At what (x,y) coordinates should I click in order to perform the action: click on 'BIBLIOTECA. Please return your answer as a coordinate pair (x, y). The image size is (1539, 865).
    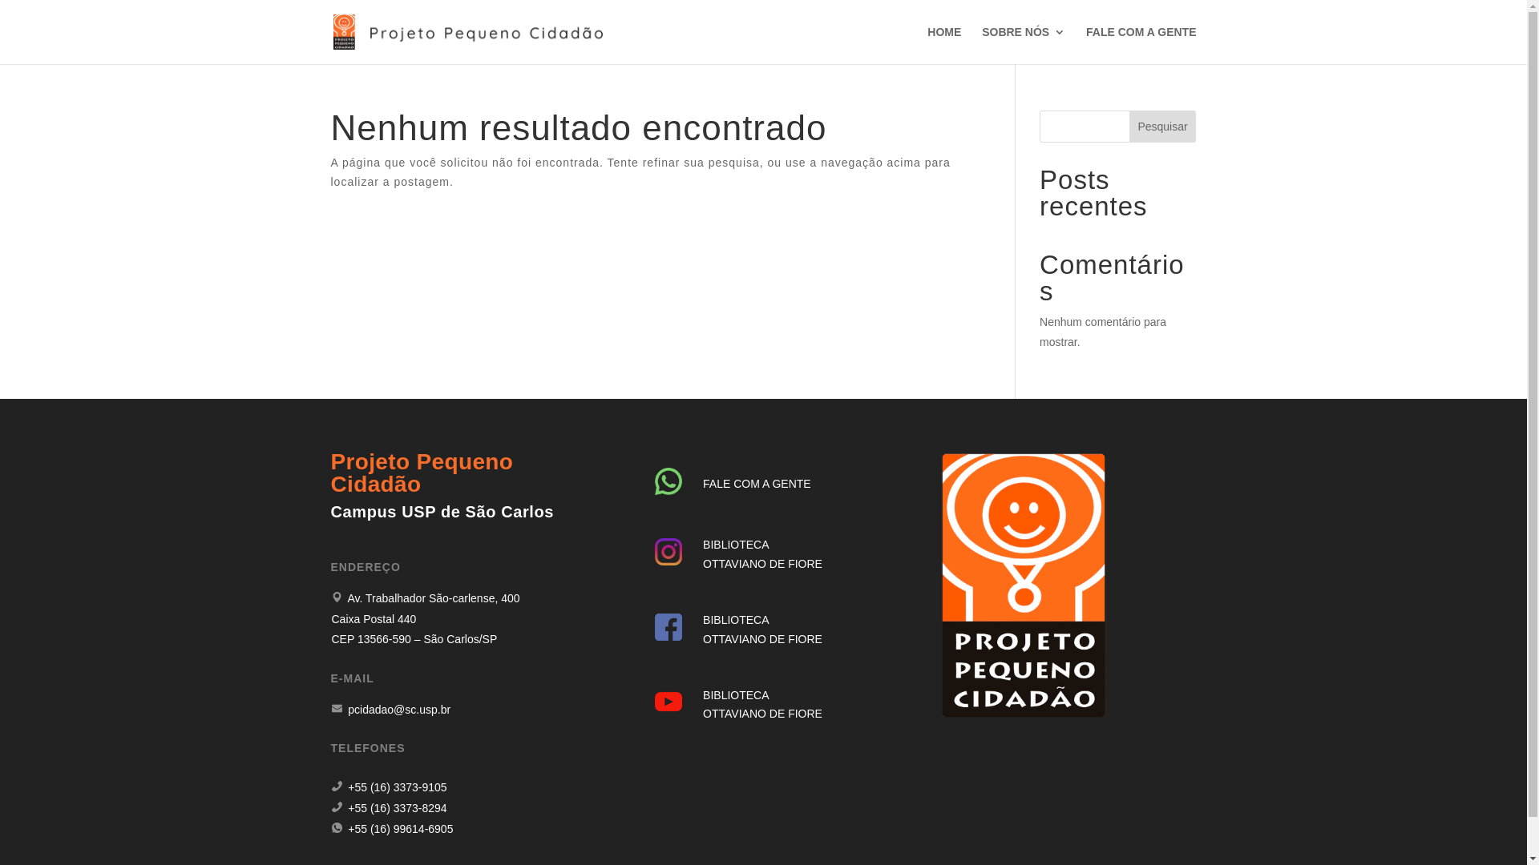
    Looking at the image, I should click on (761, 703).